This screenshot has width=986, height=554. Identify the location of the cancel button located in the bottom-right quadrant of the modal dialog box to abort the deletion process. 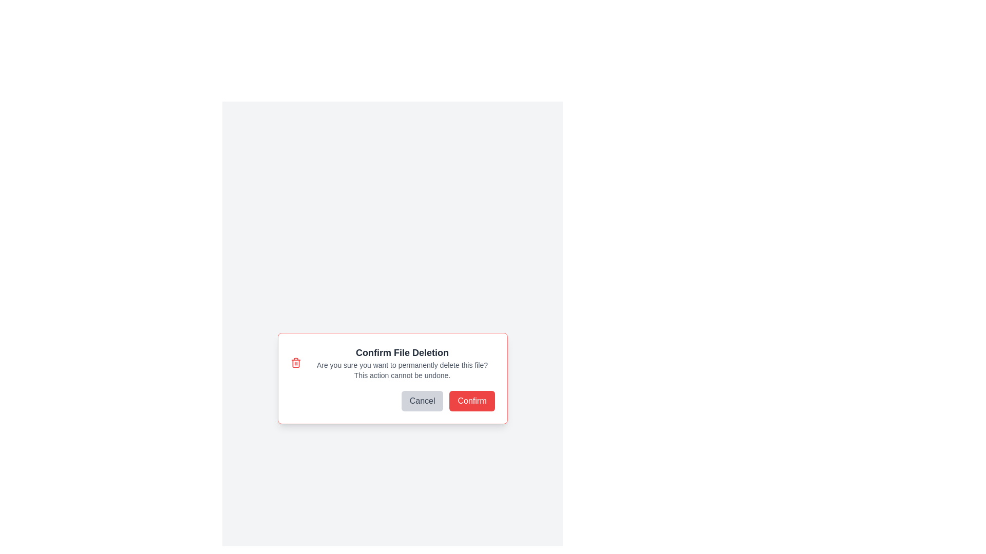
(422, 401).